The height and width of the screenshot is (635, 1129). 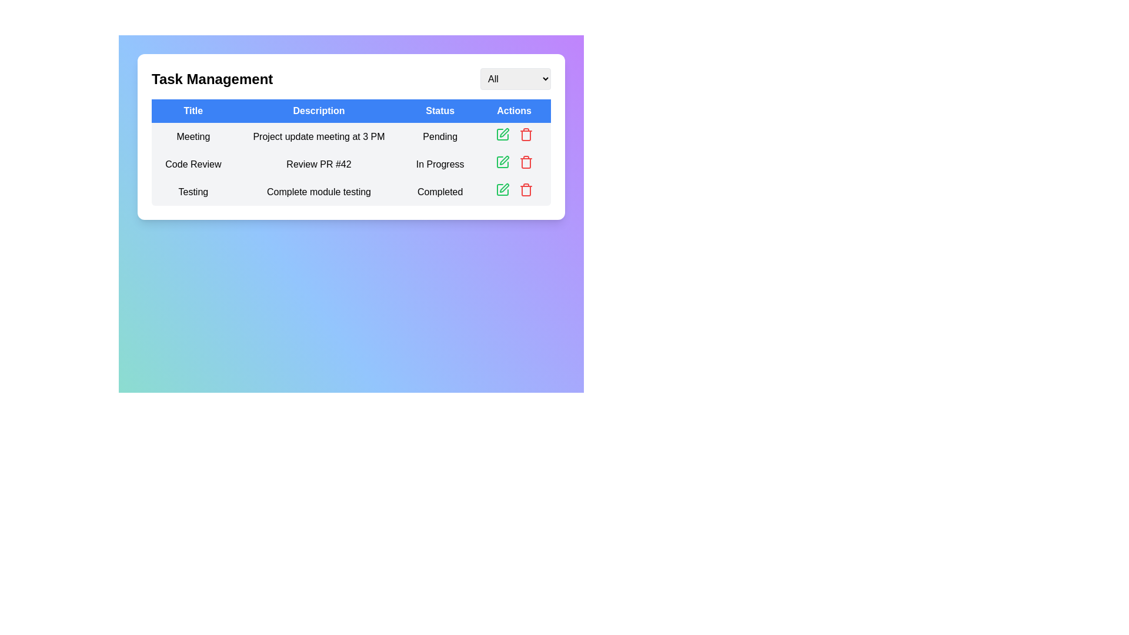 What do you see at coordinates (439, 111) in the screenshot?
I see `the 'Status' Text Label, which is the third label in a sequence of four horizontally aligned labels, positioned between 'Description' and 'Actions'` at bounding box center [439, 111].